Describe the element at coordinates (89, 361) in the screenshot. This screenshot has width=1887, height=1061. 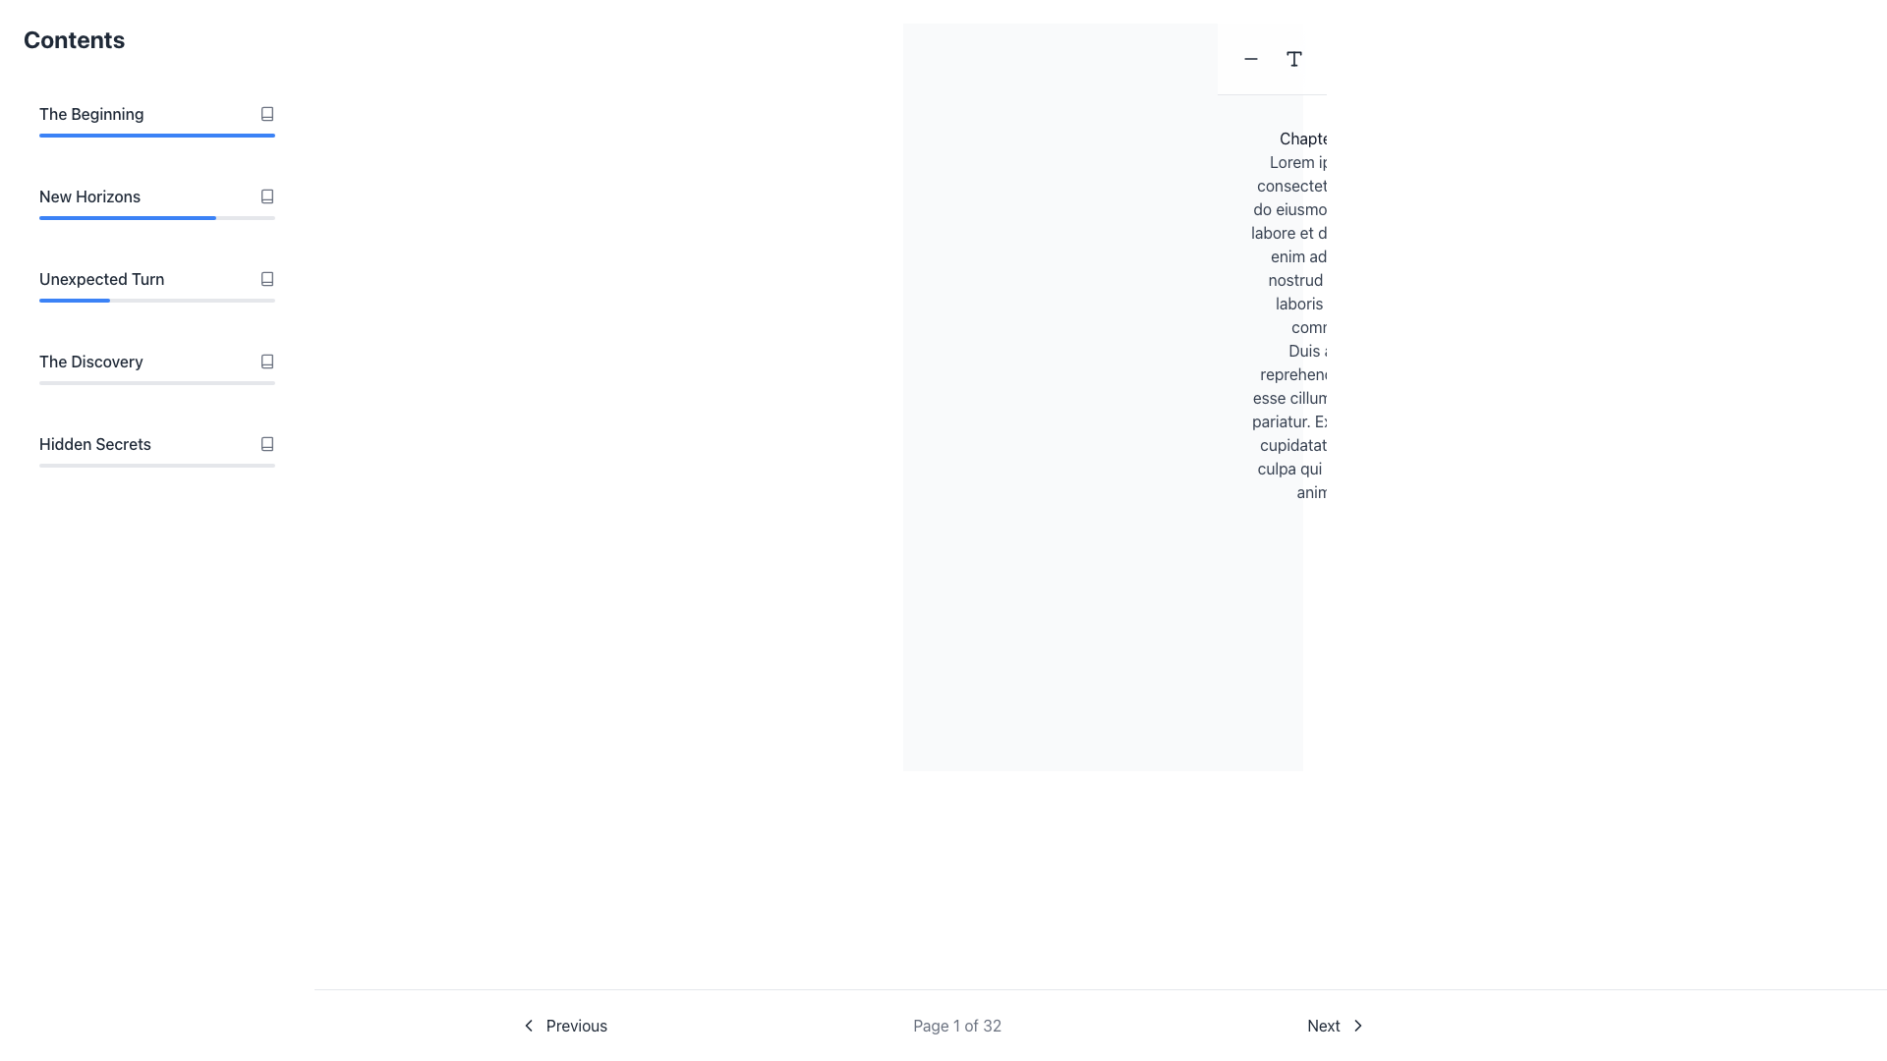
I see `the text label reading 'The Discovery' in the left sidebar` at that location.